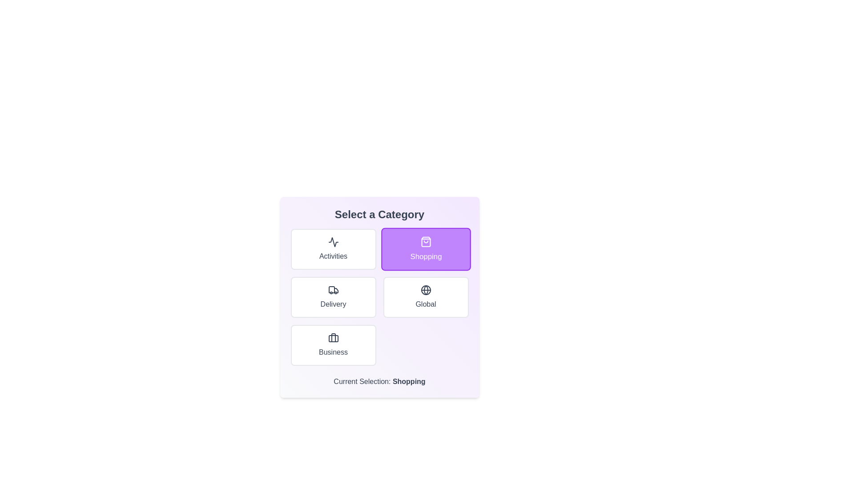 This screenshot has height=480, width=854. I want to click on the button corresponding to the category Shopping, so click(425, 249).